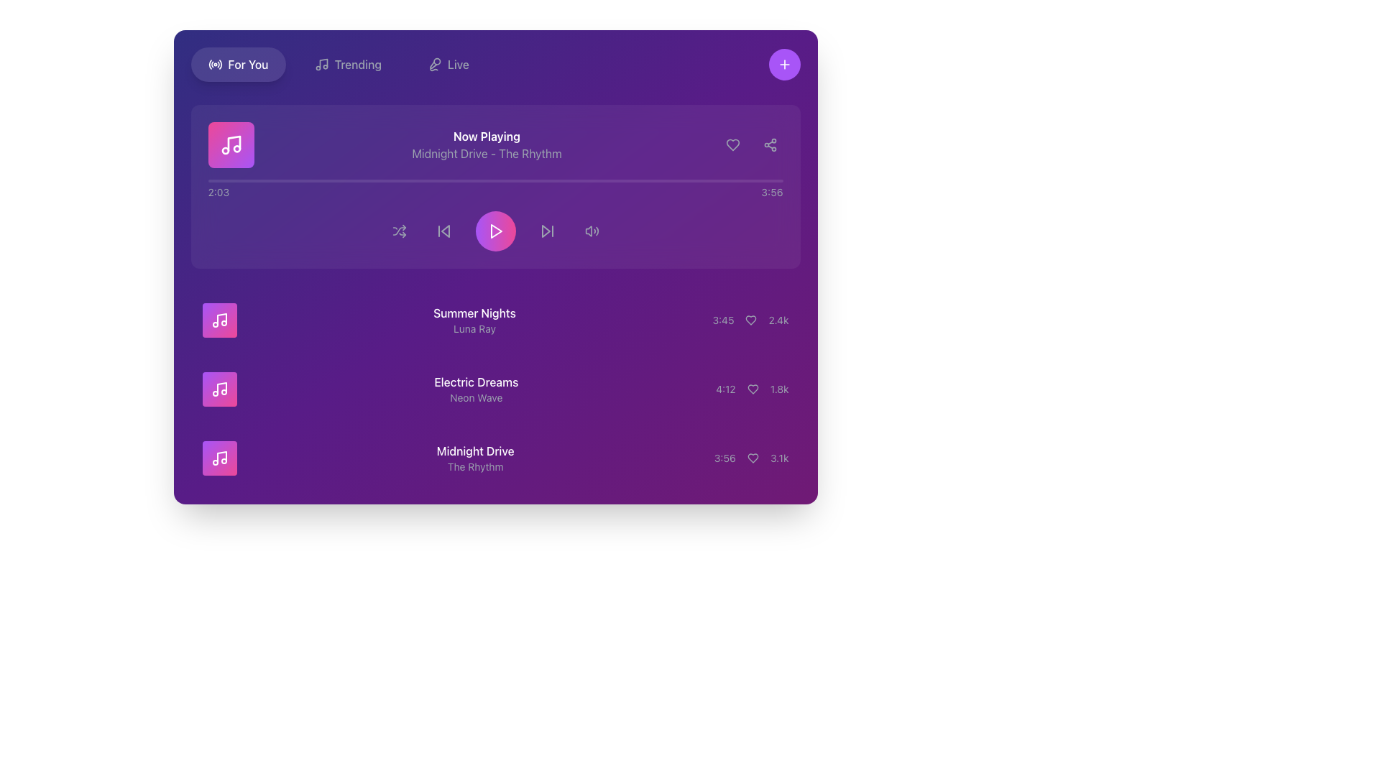  I want to click on the play button icon located in the center of the circular button in the media control section, so click(495, 230).